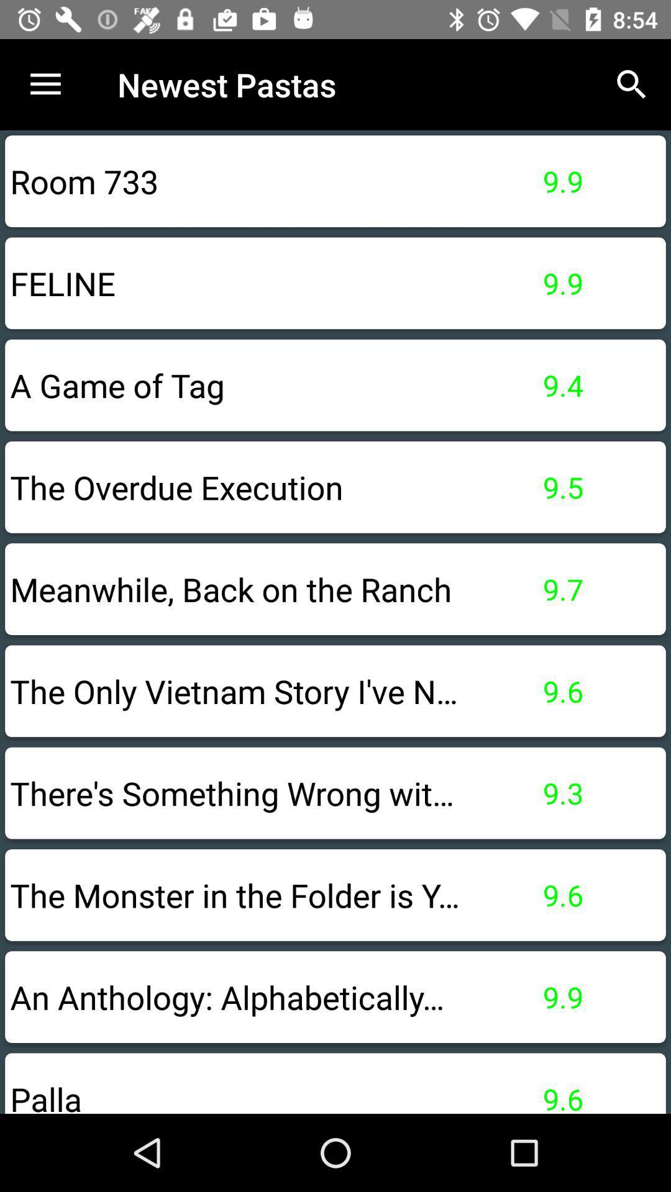  I want to click on icon at the top left corner, so click(45, 84).